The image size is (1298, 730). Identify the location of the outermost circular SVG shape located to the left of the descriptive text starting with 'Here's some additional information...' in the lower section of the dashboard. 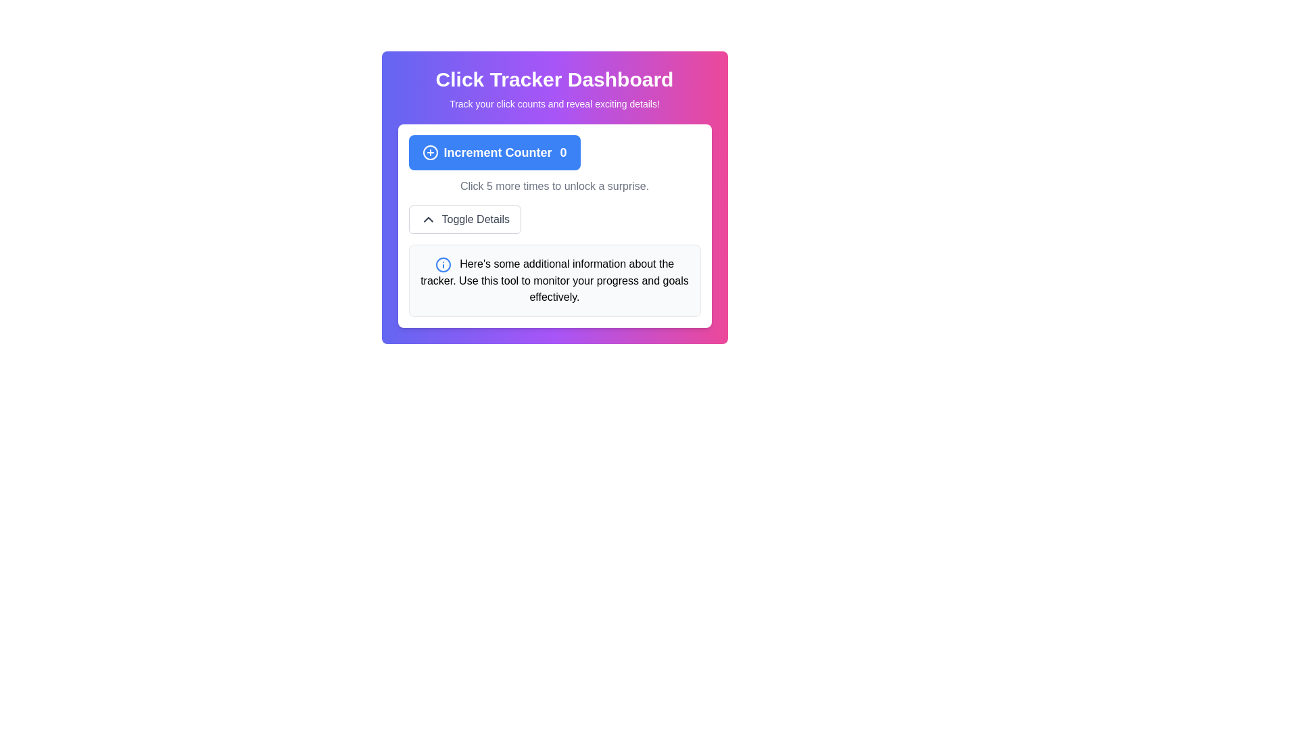
(443, 264).